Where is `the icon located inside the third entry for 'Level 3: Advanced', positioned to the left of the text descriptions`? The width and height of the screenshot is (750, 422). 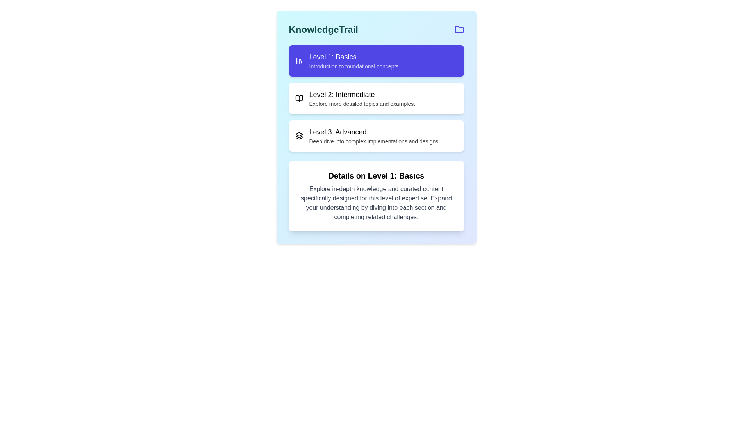
the icon located inside the third entry for 'Level 3: Advanced', positioned to the left of the text descriptions is located at coordinates (298, 135).